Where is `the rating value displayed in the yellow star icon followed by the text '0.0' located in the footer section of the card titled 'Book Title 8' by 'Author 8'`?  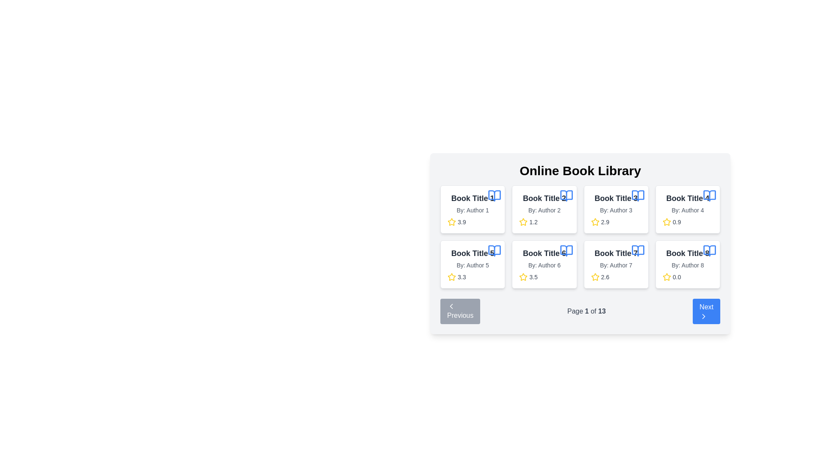 the rating value displayed in the yellow star icon followed by the text '0.0' located in the footer section of the card titled 'Book Title 8' by 'Author 8' is located at coordinates (688, 277).